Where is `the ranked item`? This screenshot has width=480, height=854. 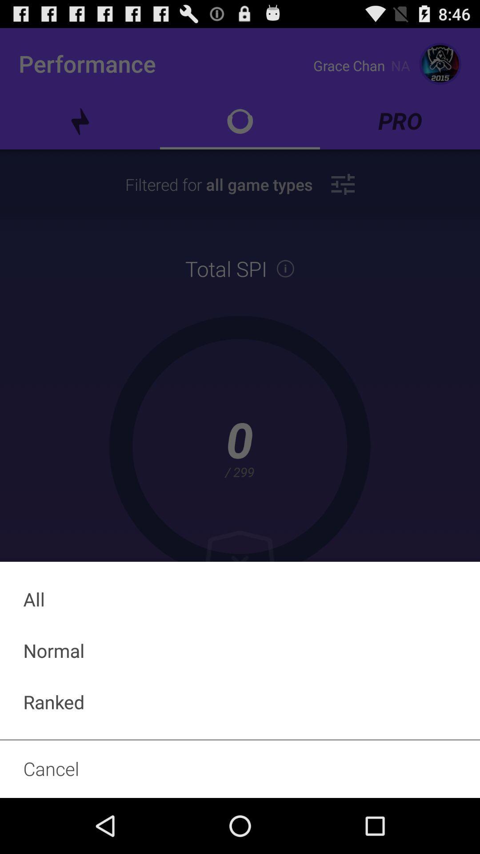 the ranked item is located at coordinates (240, 701).